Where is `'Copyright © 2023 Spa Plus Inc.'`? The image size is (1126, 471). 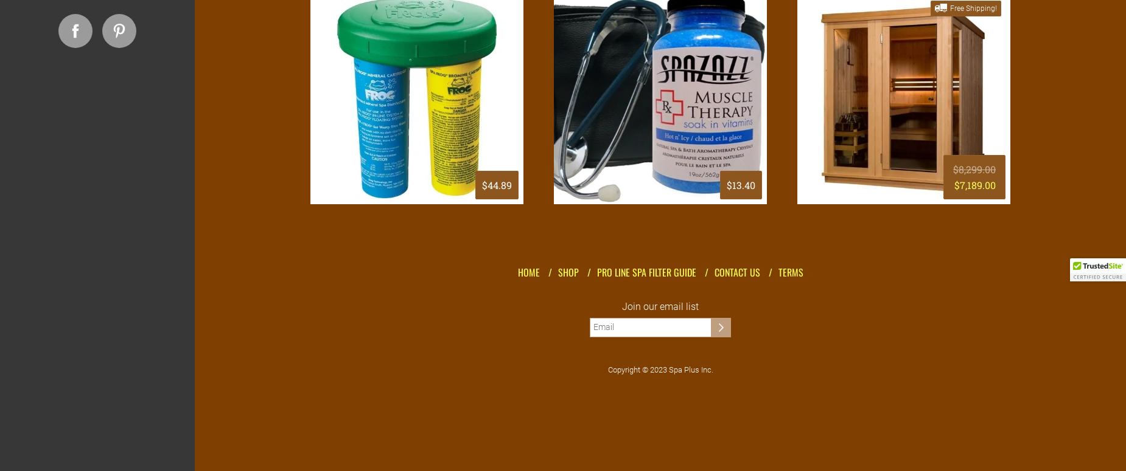
'Copyright © 2023 Spa Plus Inc.' is located at coordinates (659, 370).